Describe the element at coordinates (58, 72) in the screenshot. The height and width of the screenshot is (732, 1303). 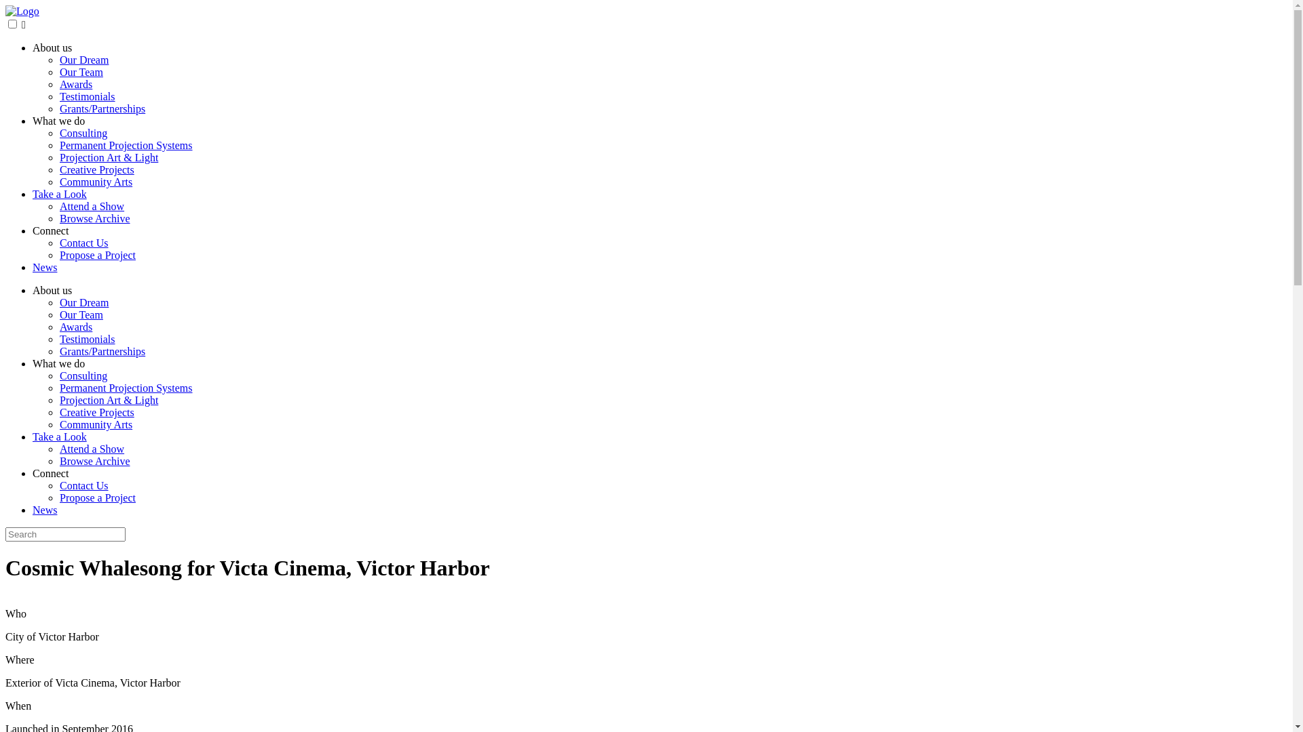
I see `'Our Team'` at that location.